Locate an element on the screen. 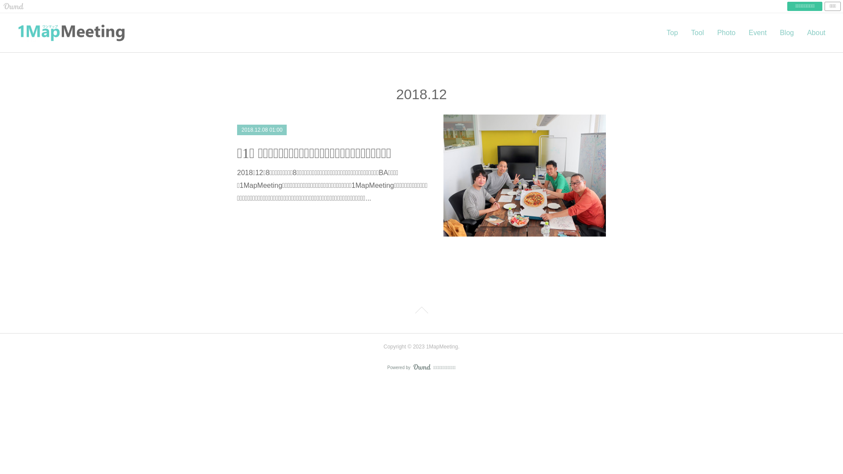 This screenshot has width=843, height=474. 'Photo' is located at coordinates (710, 32).